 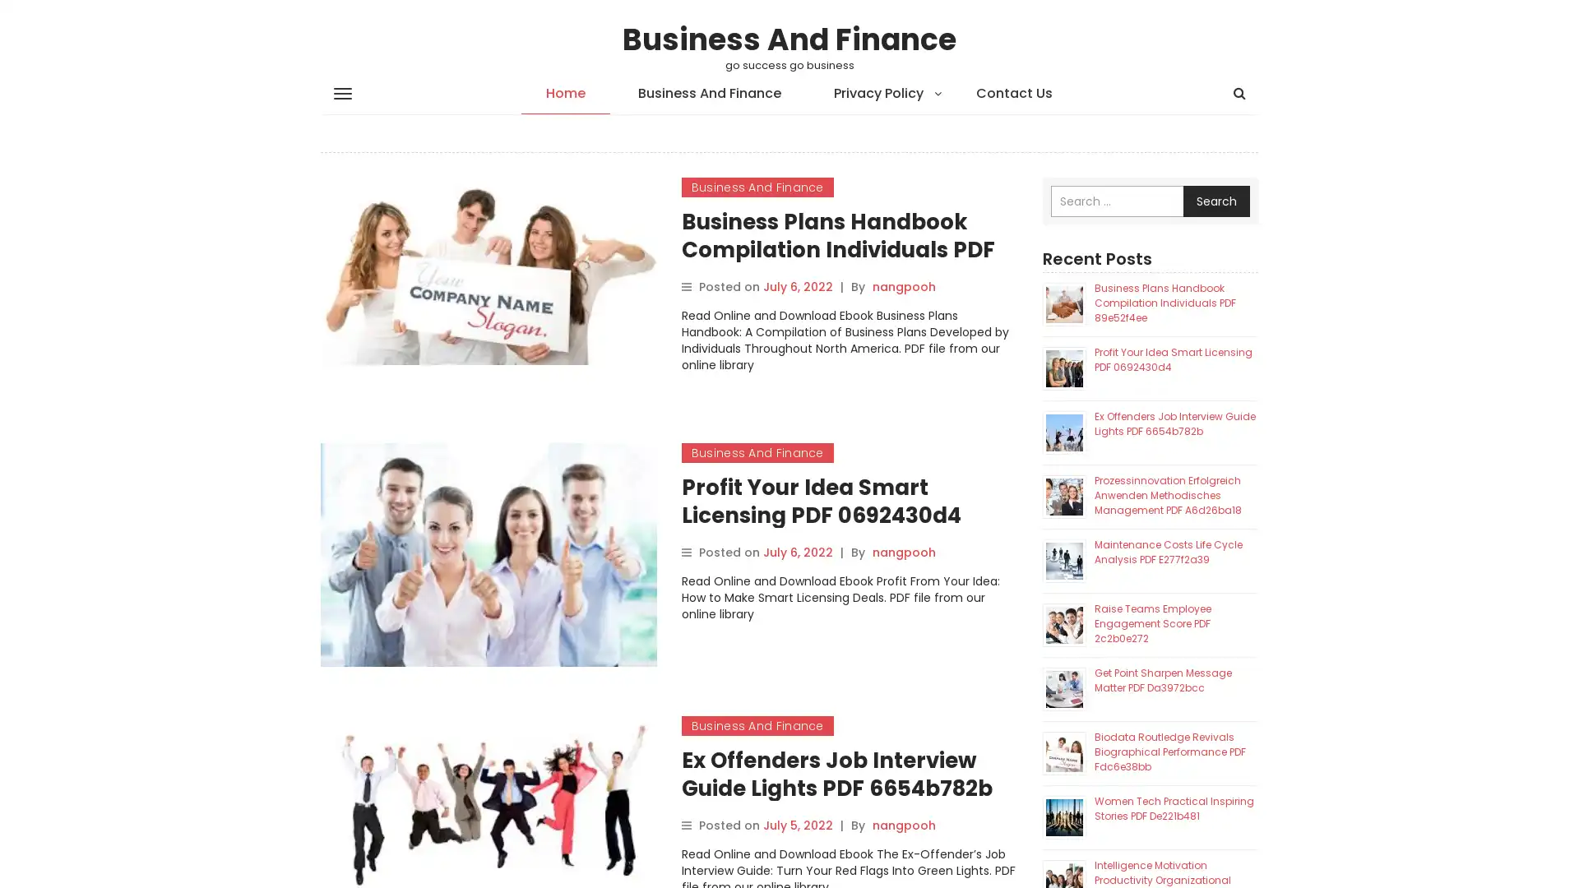 I want to click on Search, so click(x=1216, y=201).